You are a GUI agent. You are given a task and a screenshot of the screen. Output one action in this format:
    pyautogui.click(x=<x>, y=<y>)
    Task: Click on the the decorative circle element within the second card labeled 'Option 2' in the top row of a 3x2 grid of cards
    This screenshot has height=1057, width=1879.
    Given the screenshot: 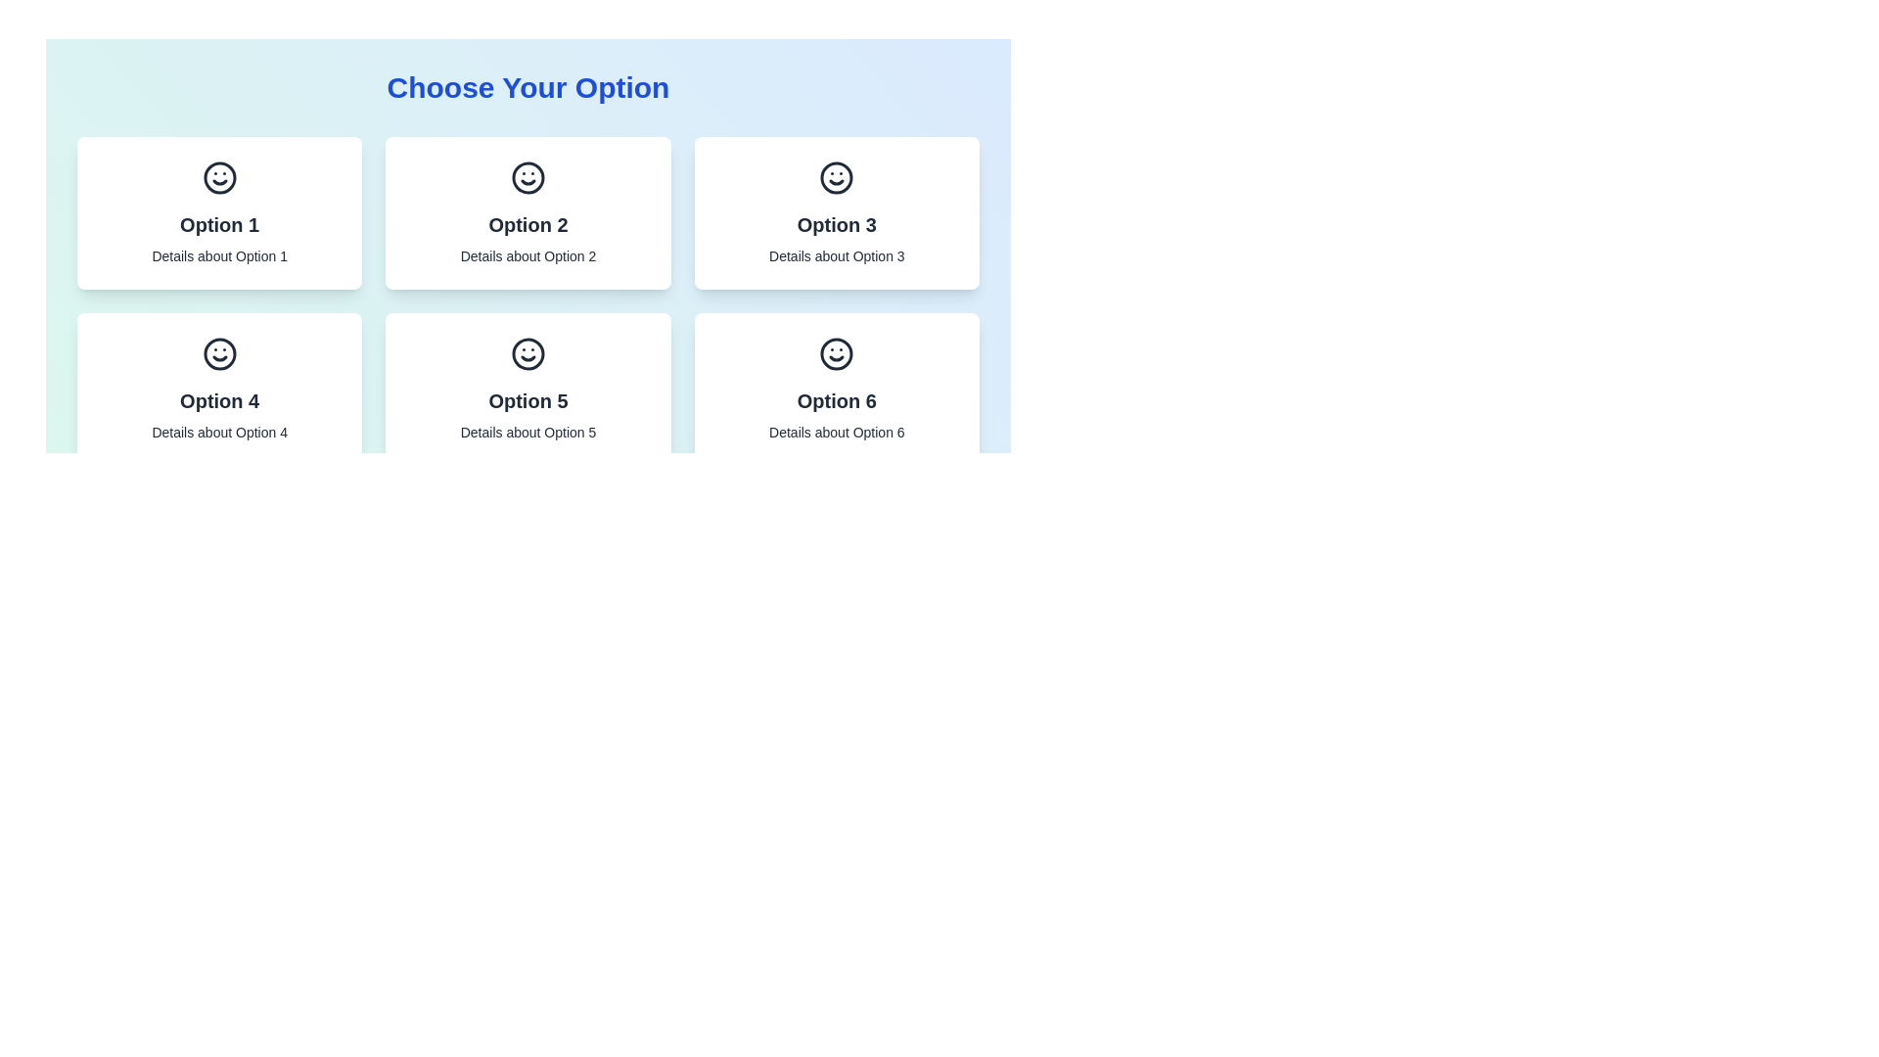 What is the action you would take?
    pyautogui.click(x=527, y=177)
    